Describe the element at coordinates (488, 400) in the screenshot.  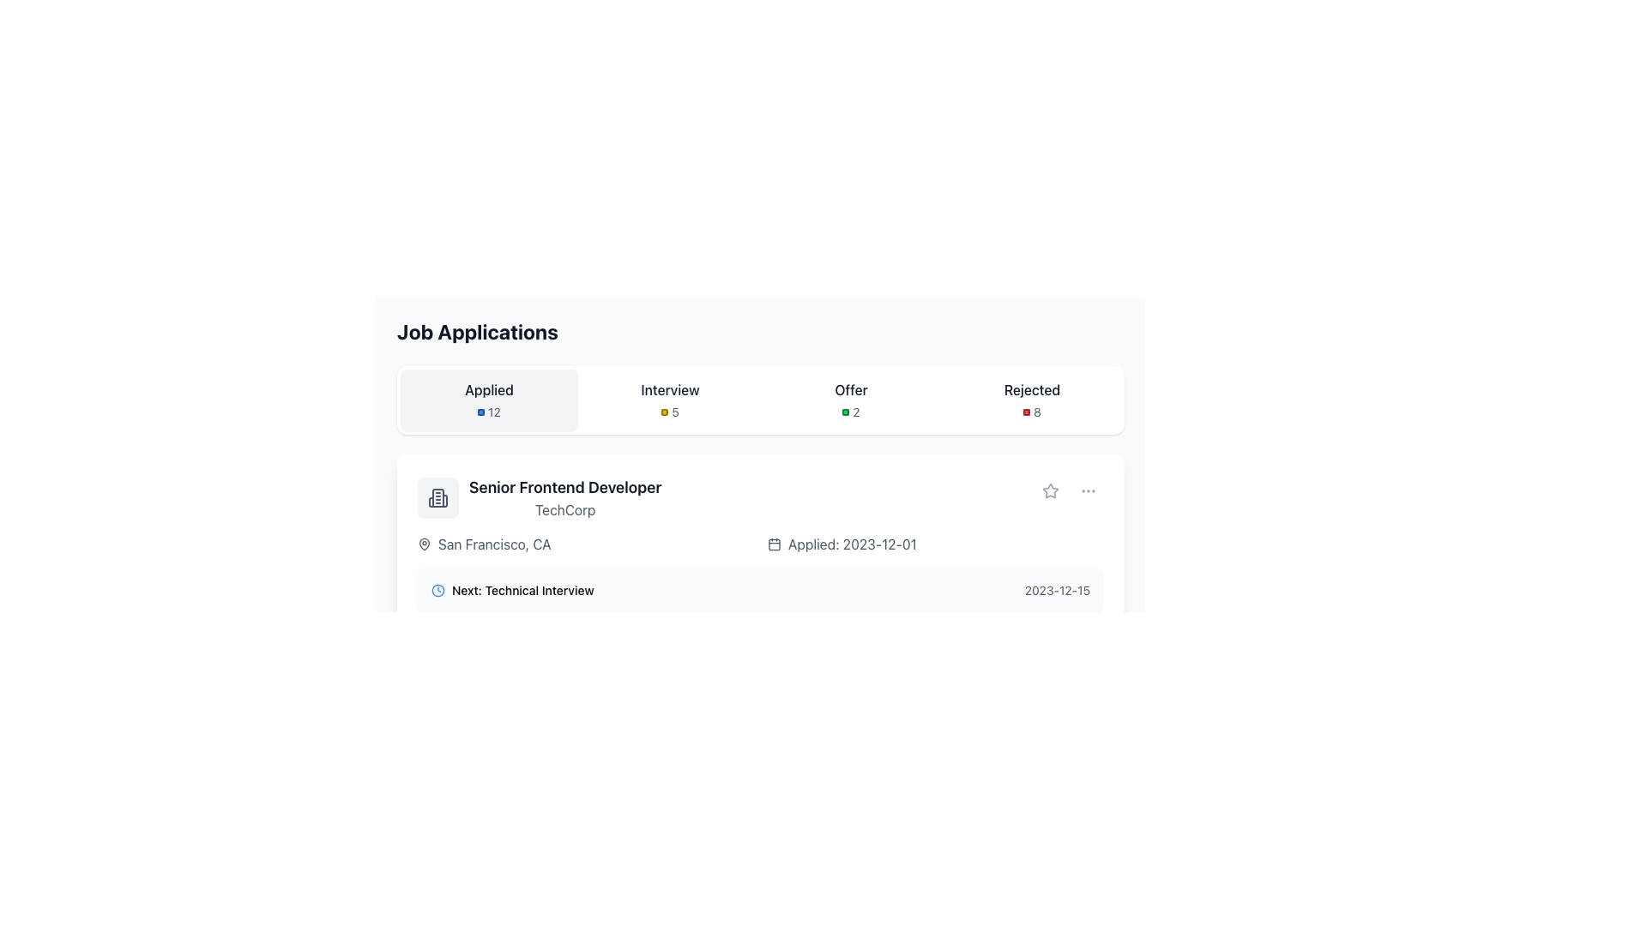
I see `the interactive status card indicating the number of jobs applied for` at that location.